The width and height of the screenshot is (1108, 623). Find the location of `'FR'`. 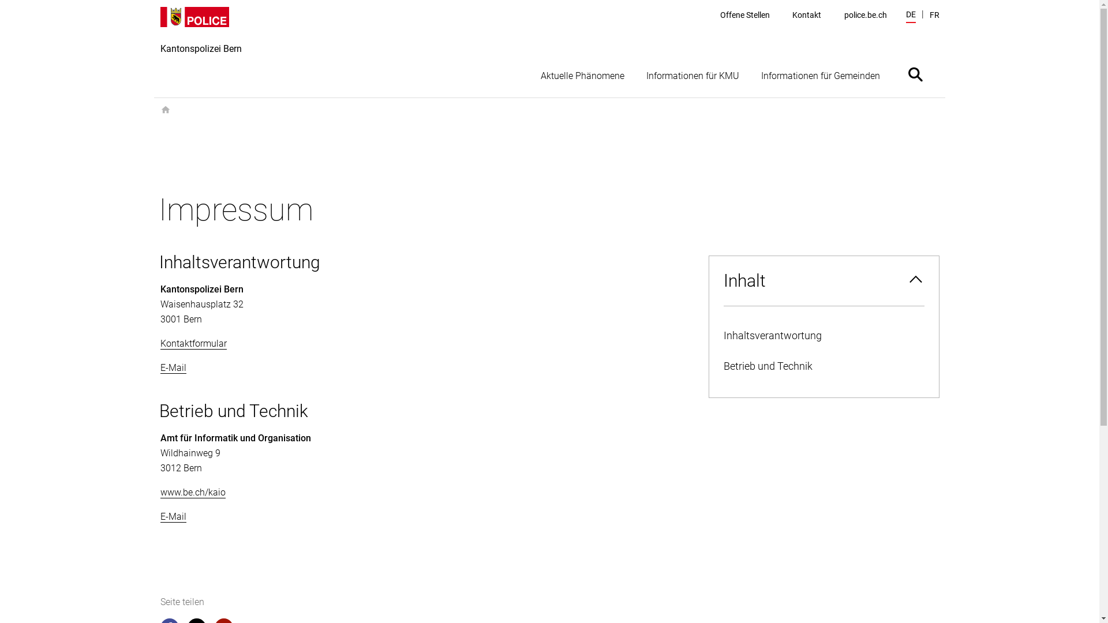

'FR' is located at coordinates (934, 15).